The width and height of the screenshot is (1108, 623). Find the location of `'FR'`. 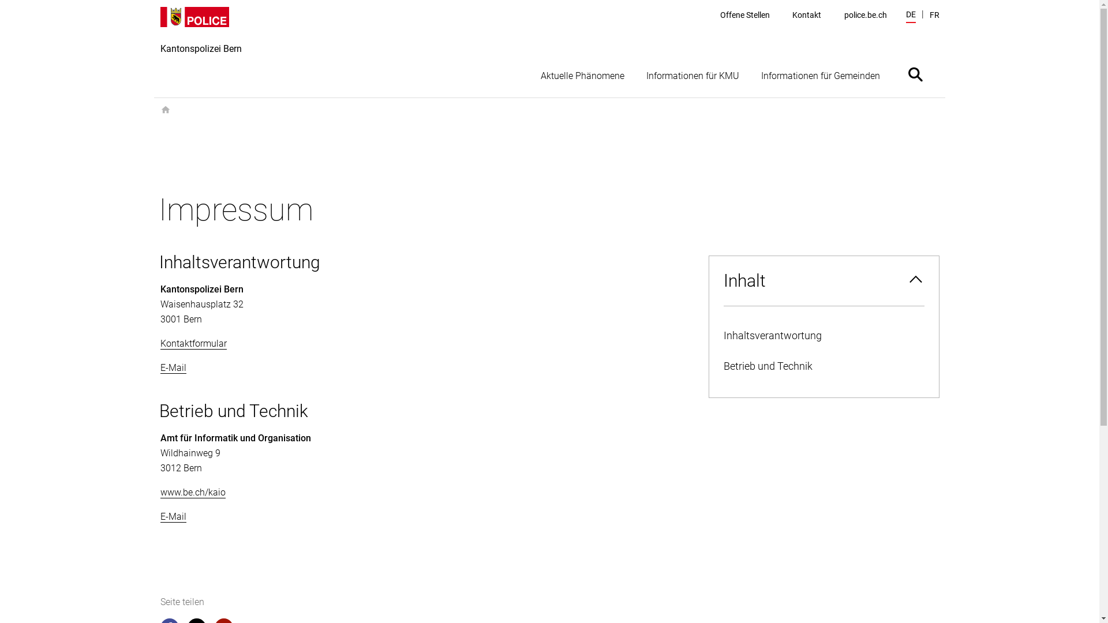

'FR' is located at coordinates (934, 15).